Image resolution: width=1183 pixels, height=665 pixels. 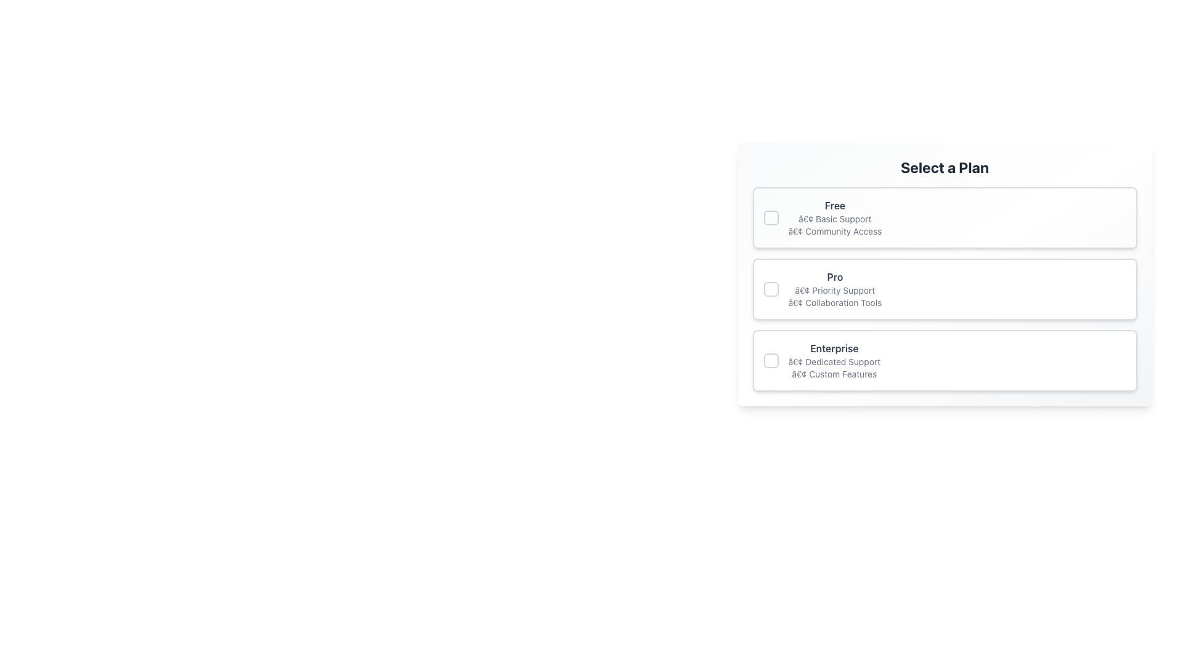 What do you see at coordinates (944, 274) in the screenshot?
I see `the 'Pro' selection card, which is the second card in a vertical list of three options under the 'Select a Plan' section, featuring a white background and rounded corners` at bounding box center [944, 274].